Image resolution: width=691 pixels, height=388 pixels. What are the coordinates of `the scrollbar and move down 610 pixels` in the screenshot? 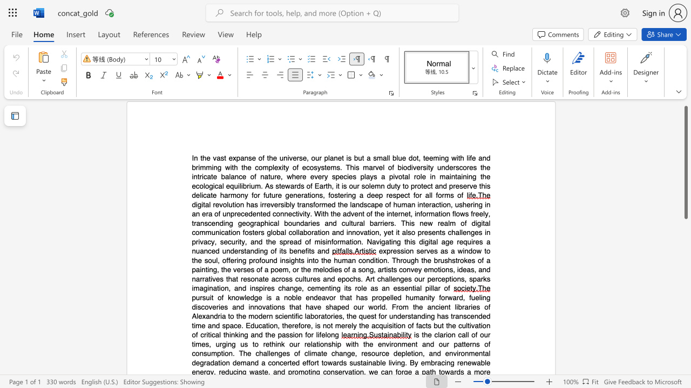 It's located at (685, 162).